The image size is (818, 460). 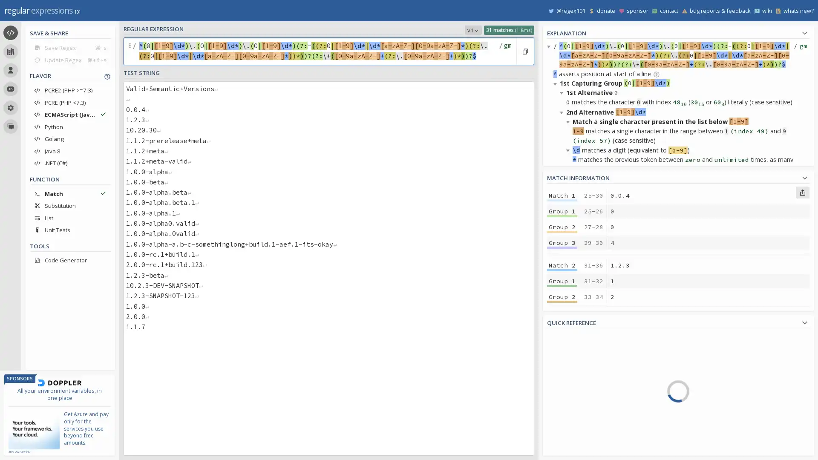 I want to click on Meta Sequences, so click(x=587, y=402).